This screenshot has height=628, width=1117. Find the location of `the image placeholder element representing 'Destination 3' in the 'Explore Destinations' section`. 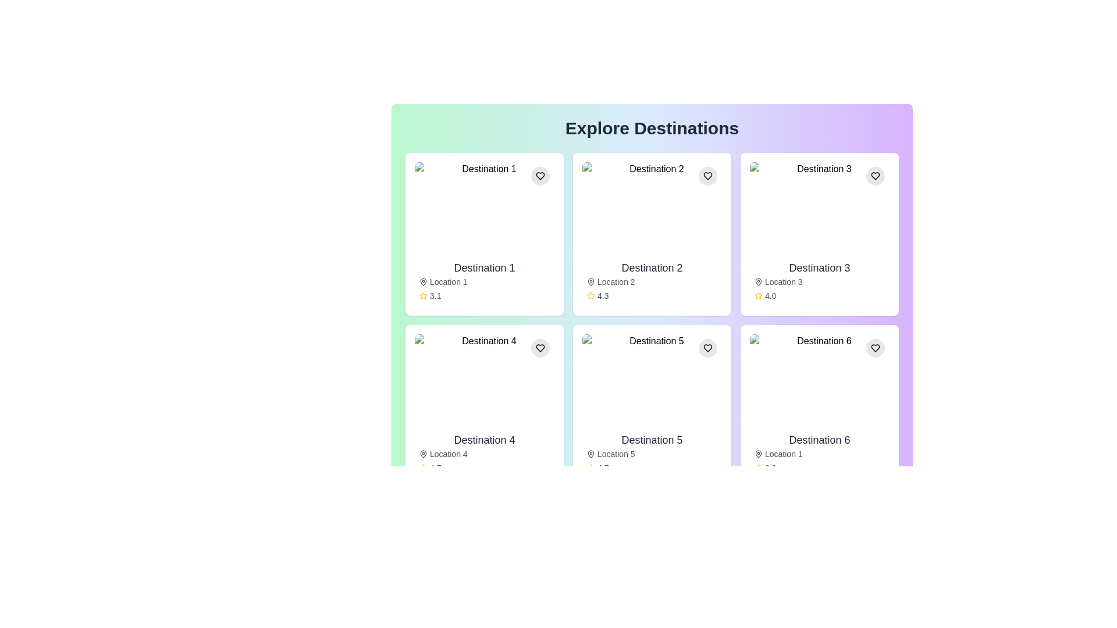

the image placeholder element representing 'Destination 3' in the 'Explore Destinations' section is located at coordinates (819, 208).